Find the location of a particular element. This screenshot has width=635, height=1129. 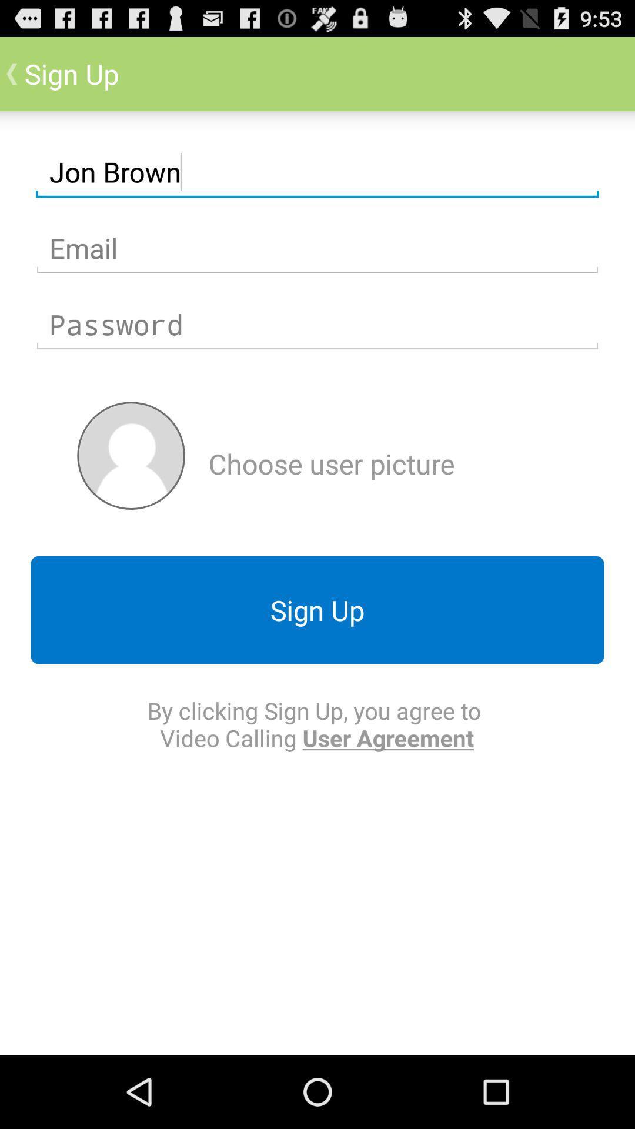

password is located at coordinates (317, 325).